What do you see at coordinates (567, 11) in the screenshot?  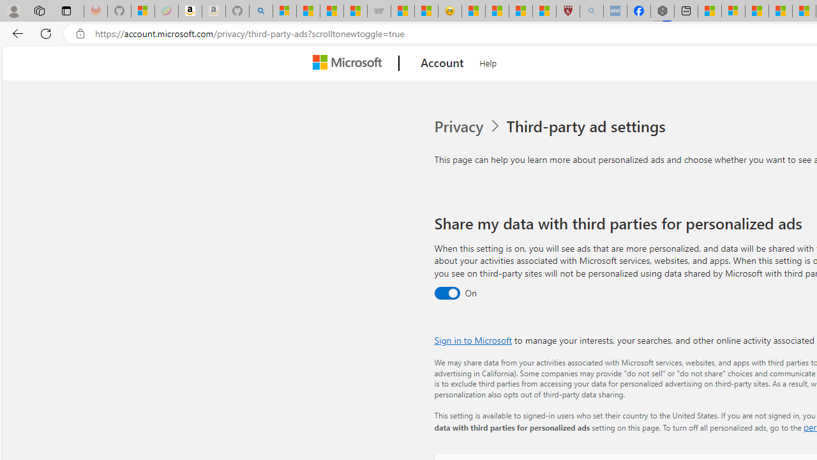 I see `'Robert H. Shmerling, MD - Harvard Health'` at bounding box center [567, 11].